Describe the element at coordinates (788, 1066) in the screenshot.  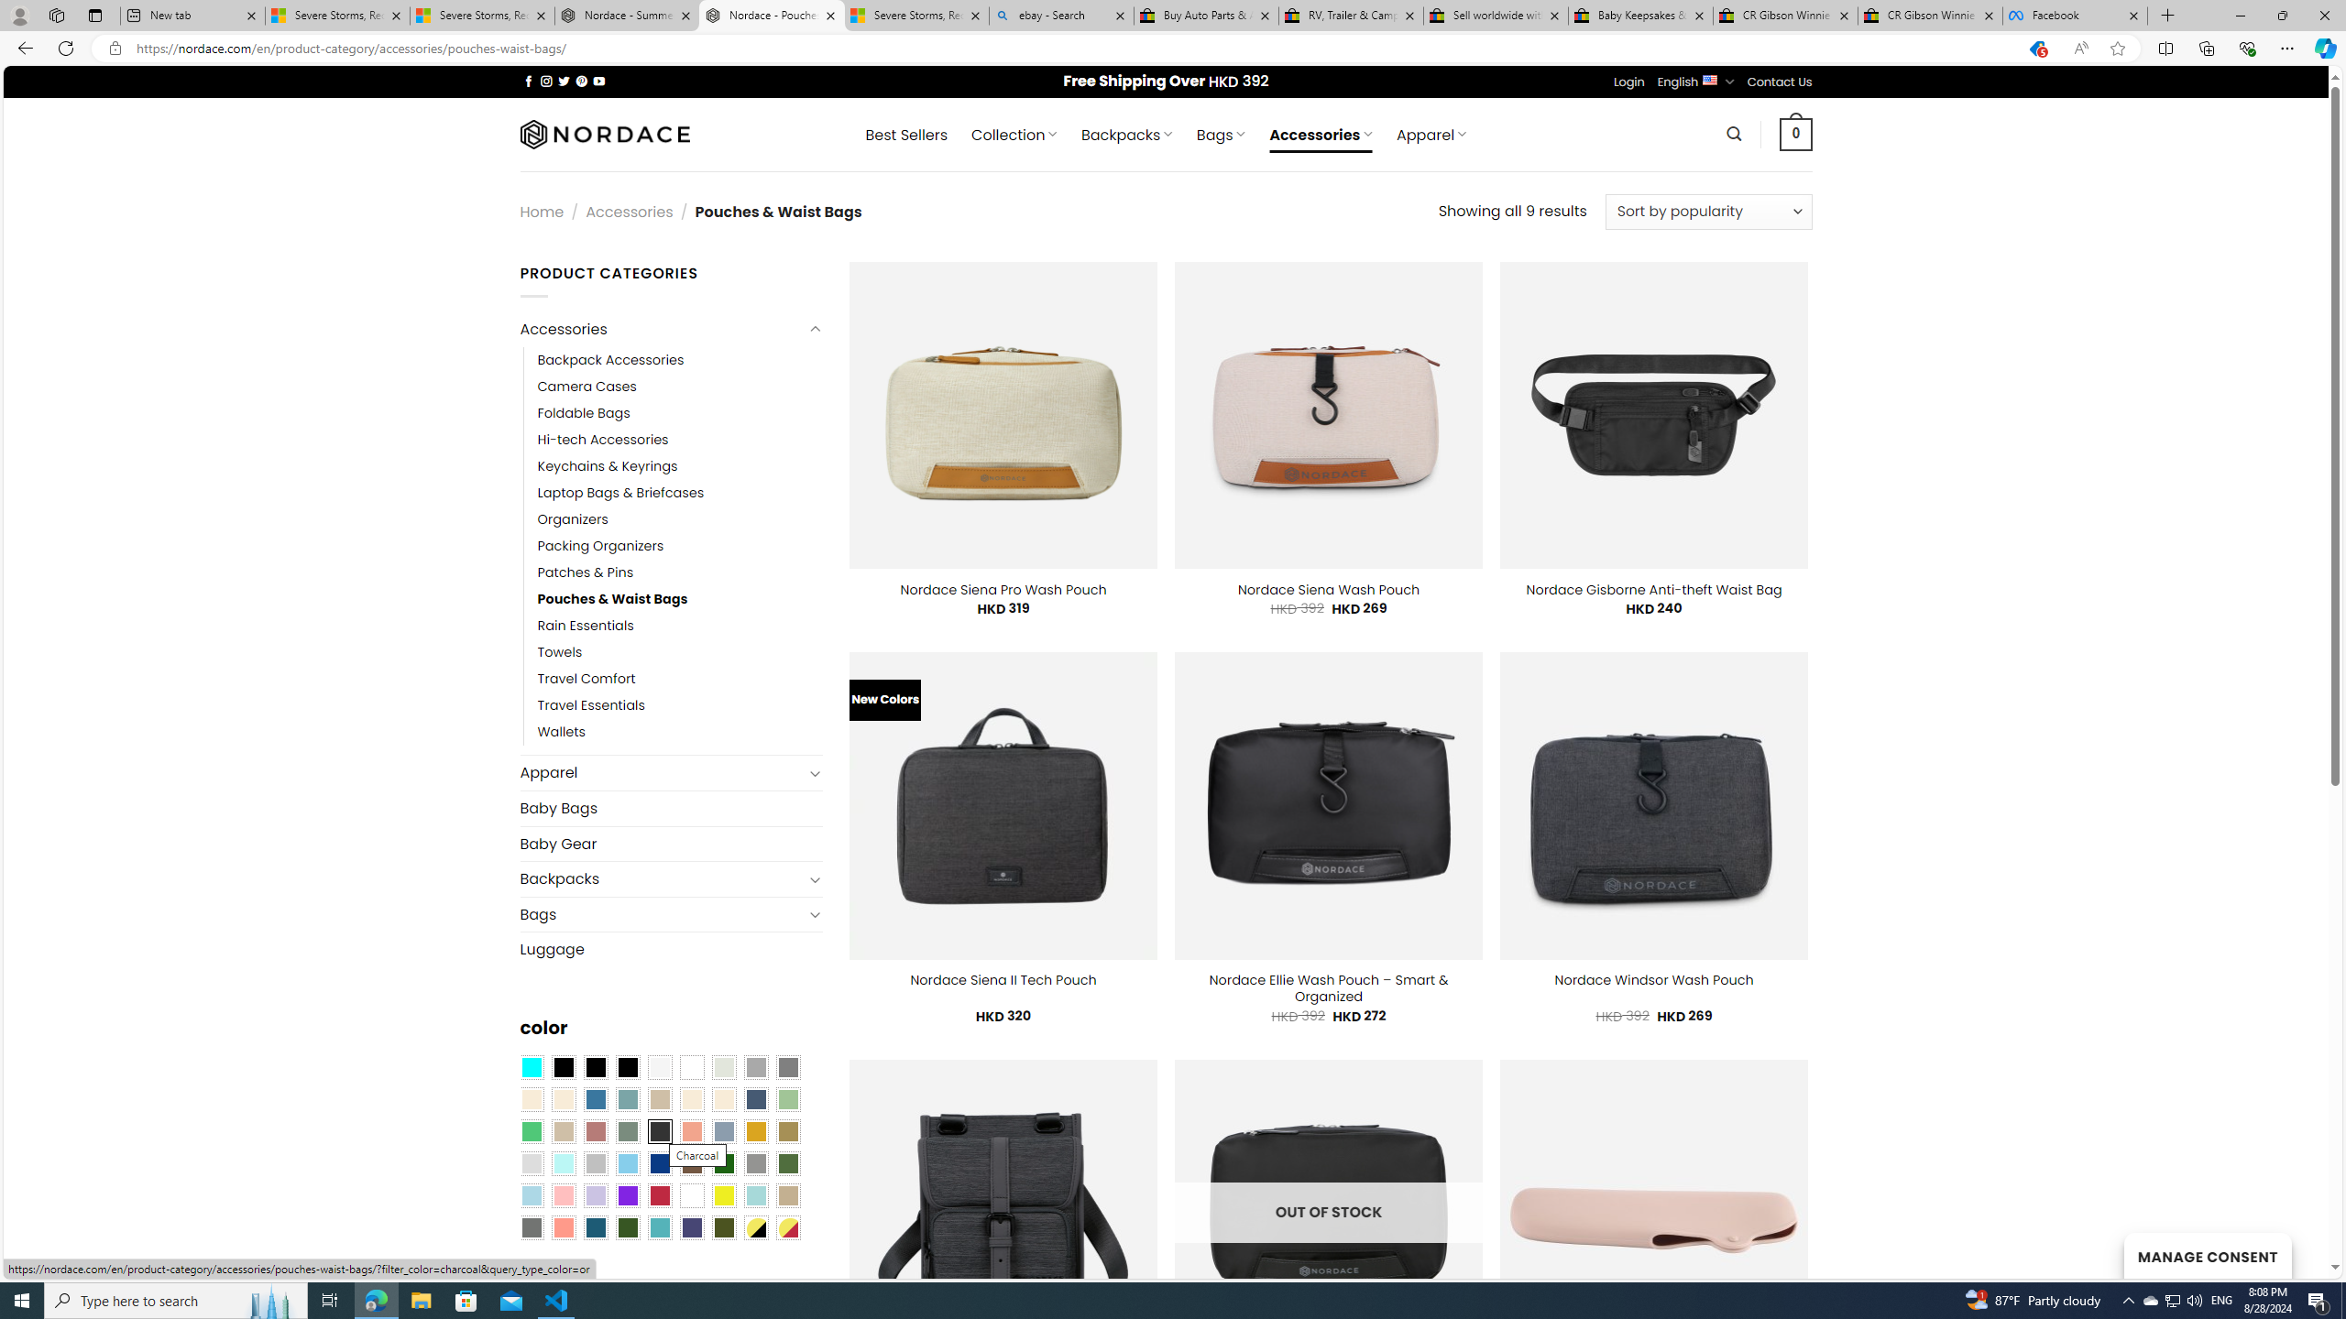
I see `'All Gray'` at that location.